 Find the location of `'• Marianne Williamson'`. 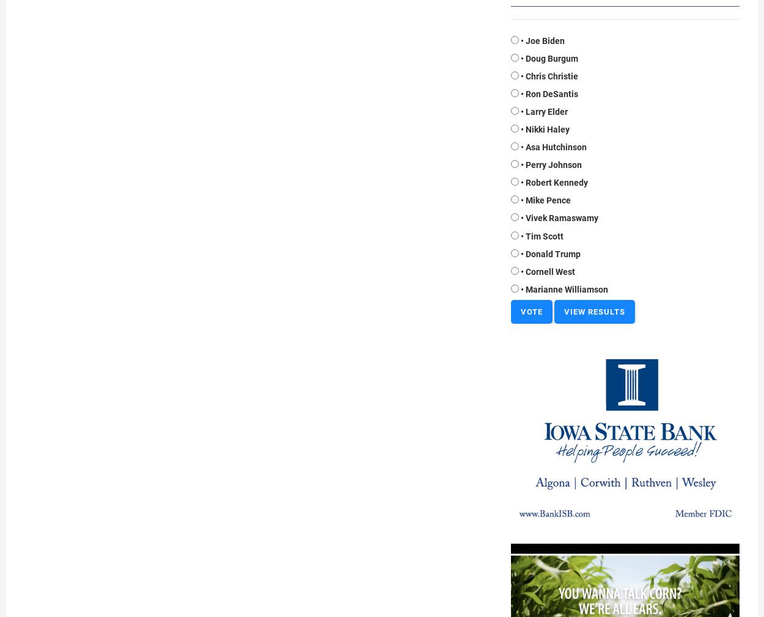

'• Marianne Williamson' is located at coordinates (564, 288).